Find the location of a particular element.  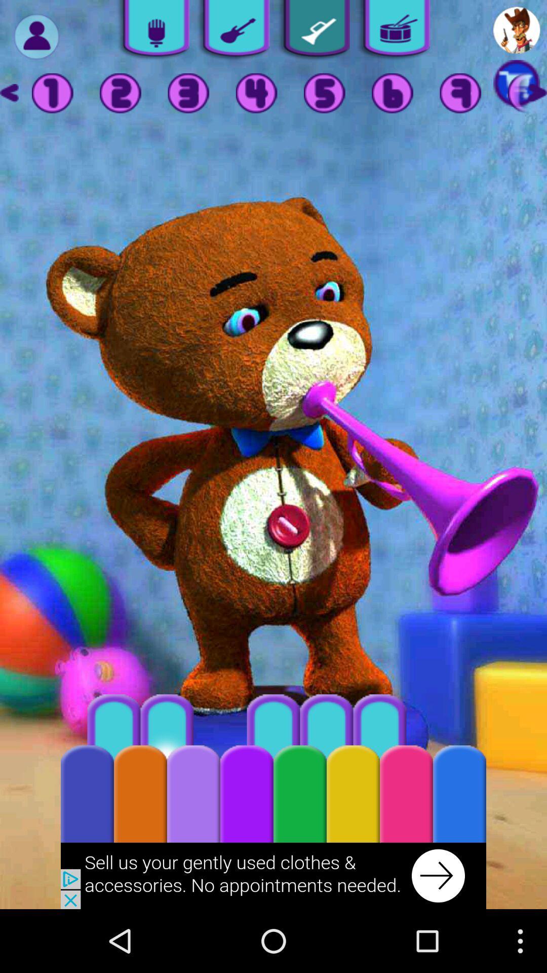

the microphone icon is located at coordinates (152, 32).